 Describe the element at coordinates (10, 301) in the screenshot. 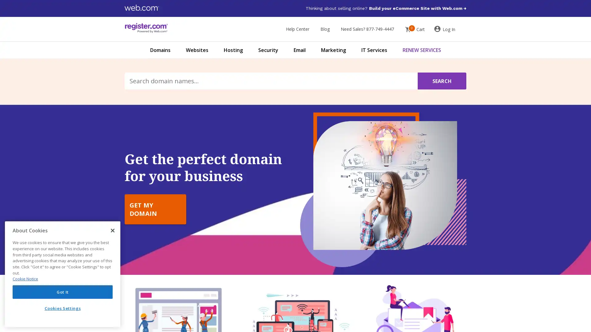

I see `Explore your accessibility options` at that location.